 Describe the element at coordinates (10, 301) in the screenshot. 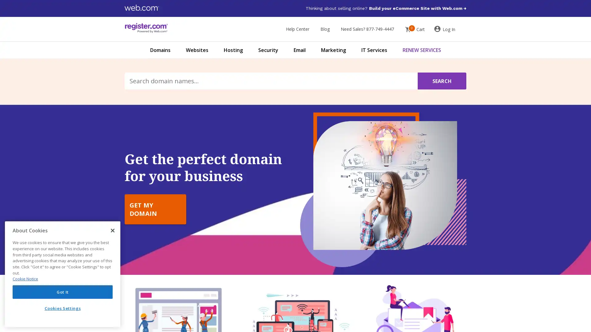

I see `Explore your accessibility options` at that location.